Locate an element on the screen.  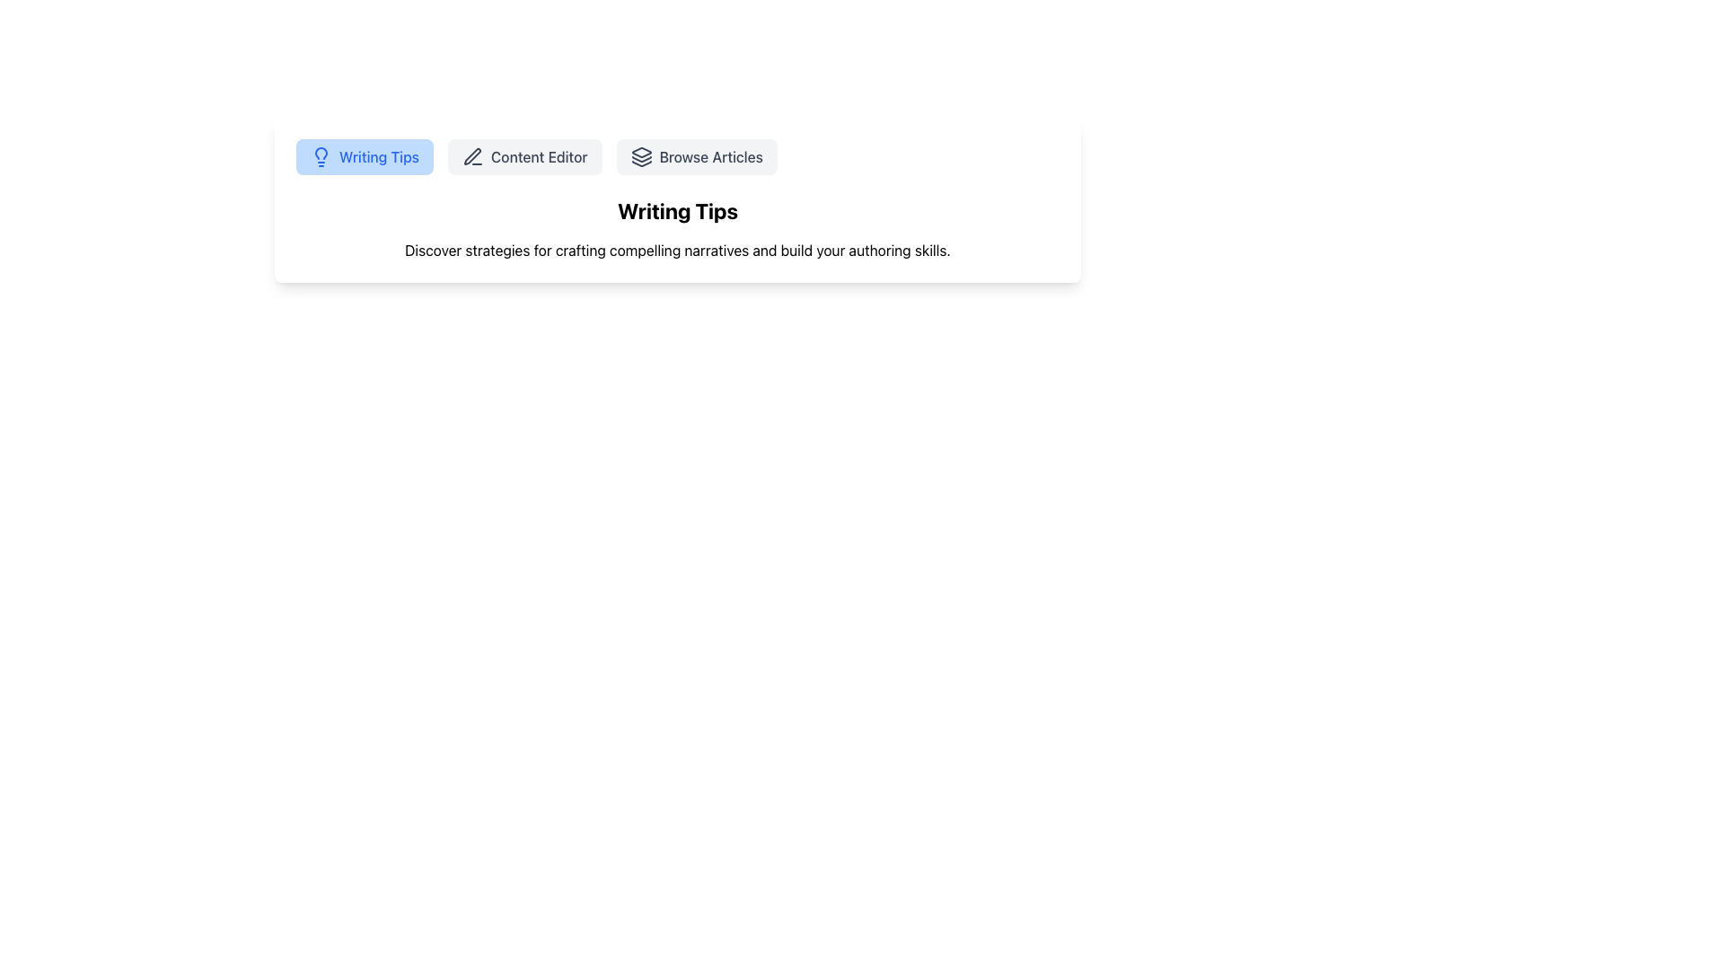
text displayed below the bold header 'Writing Tips', which contains the content: 'Discover strategies for crafting compelling narratives and build your authoring skills.' is located at coordinates (676, 250).